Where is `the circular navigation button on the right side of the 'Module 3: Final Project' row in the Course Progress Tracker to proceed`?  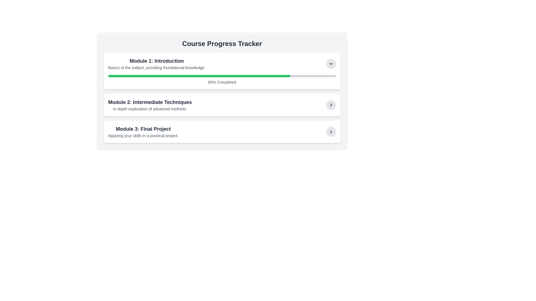 the circular navigation button on the right side of the 'Module 3: Final Project' row in the Course Progress Tracker to proceed is located at coordinates (222, 132).